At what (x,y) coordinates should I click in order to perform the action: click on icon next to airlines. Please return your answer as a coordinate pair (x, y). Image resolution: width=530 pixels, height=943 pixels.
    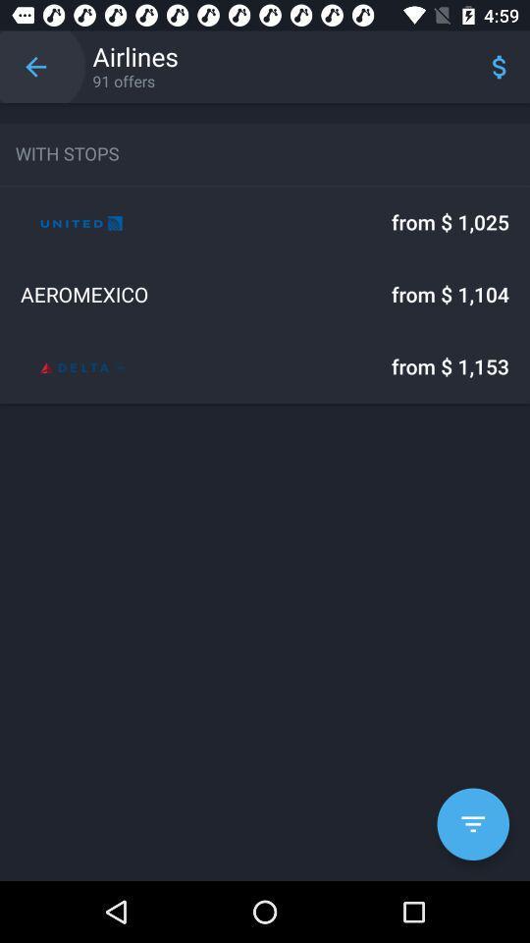
    Looking at the image, I should click on (35, 67).